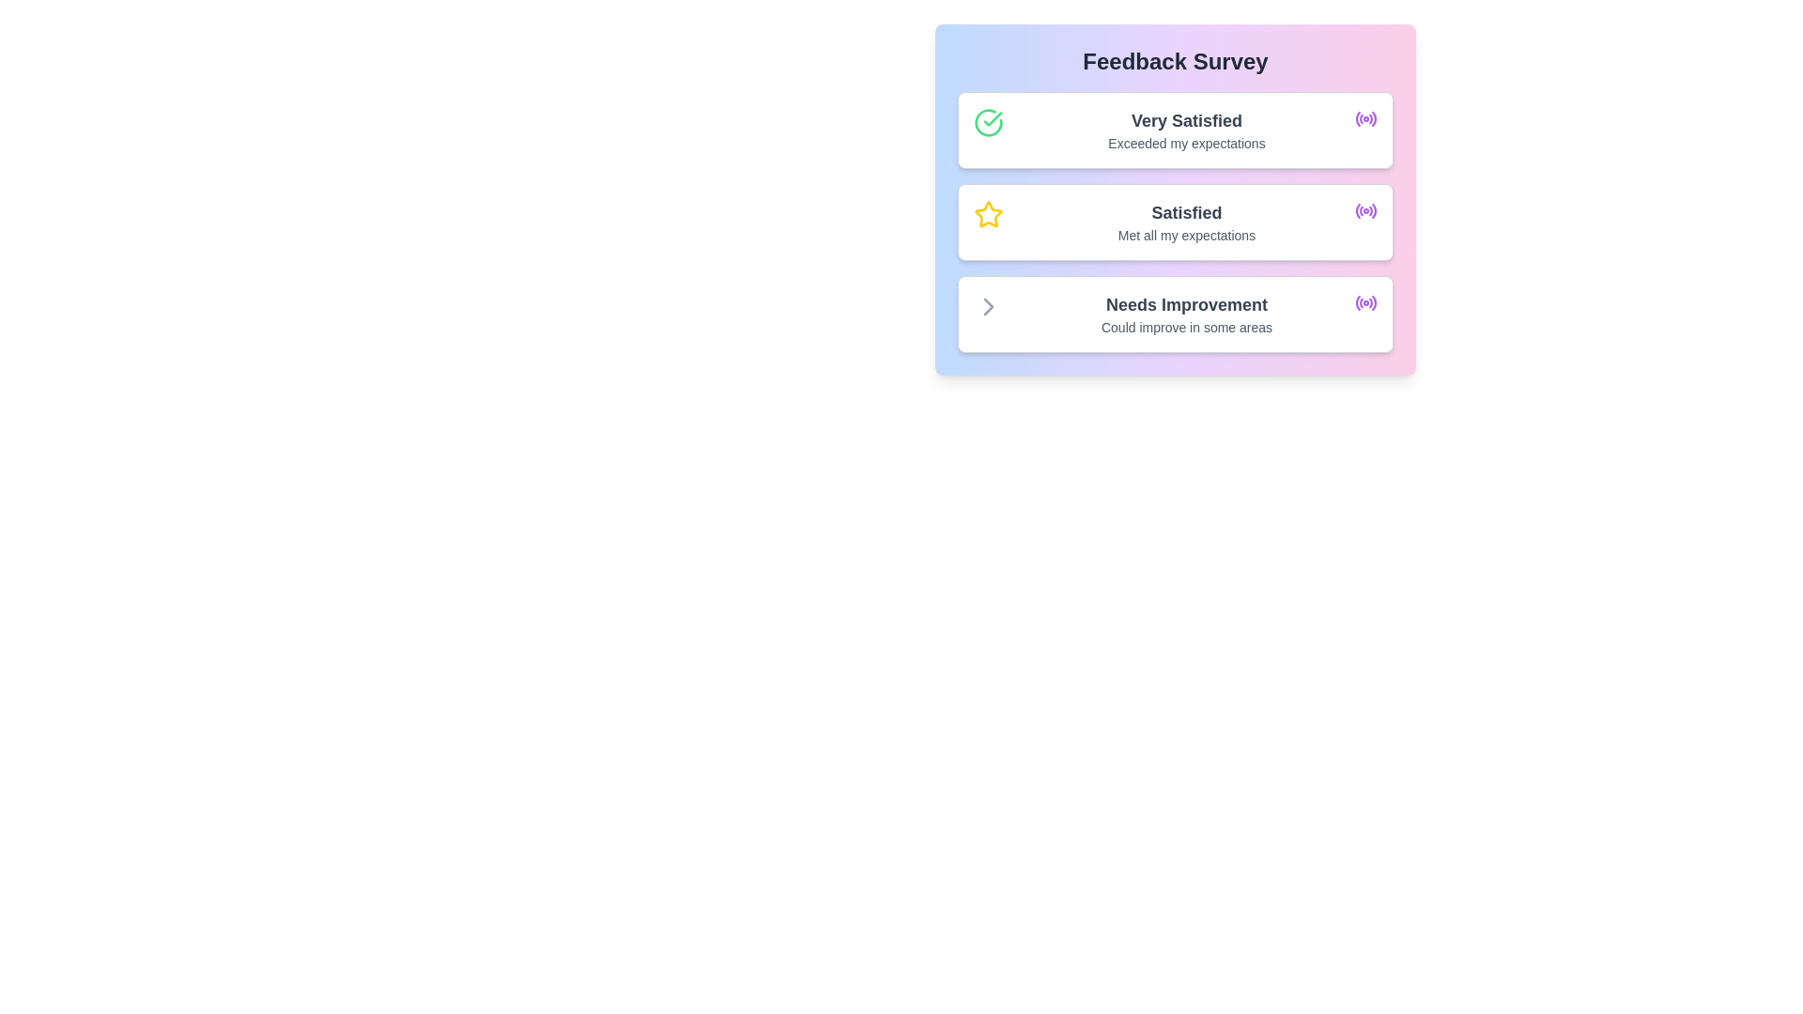 The image size is (1803, 1014). I want to click on the star icon on the left of the 'Satisfied' option in the feedback survey, so click(987, 213).